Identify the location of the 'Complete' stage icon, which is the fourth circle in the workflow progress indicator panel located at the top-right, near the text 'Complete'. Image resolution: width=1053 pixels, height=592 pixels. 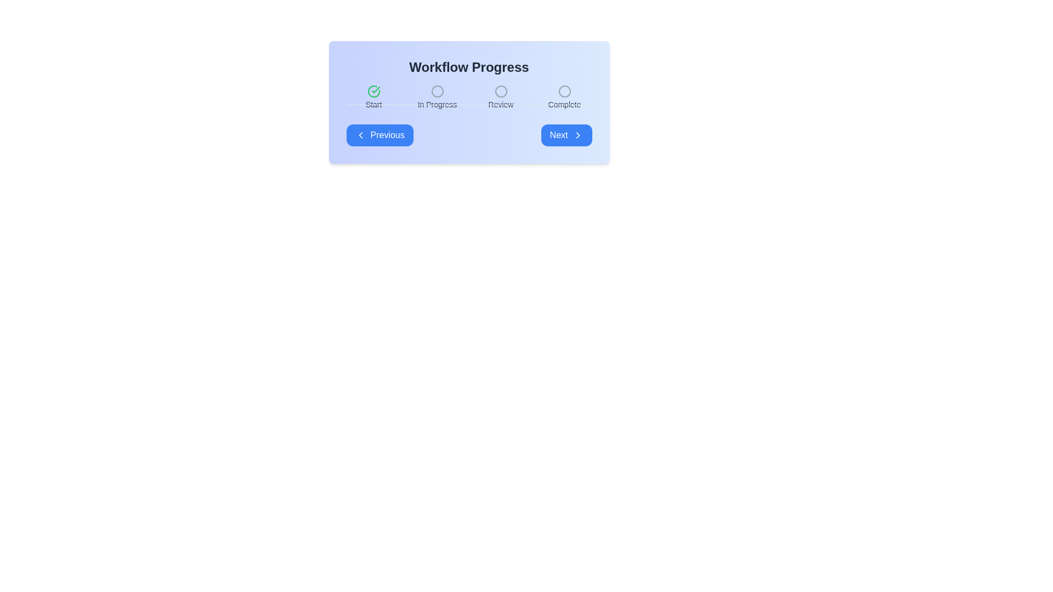
(564, 90).